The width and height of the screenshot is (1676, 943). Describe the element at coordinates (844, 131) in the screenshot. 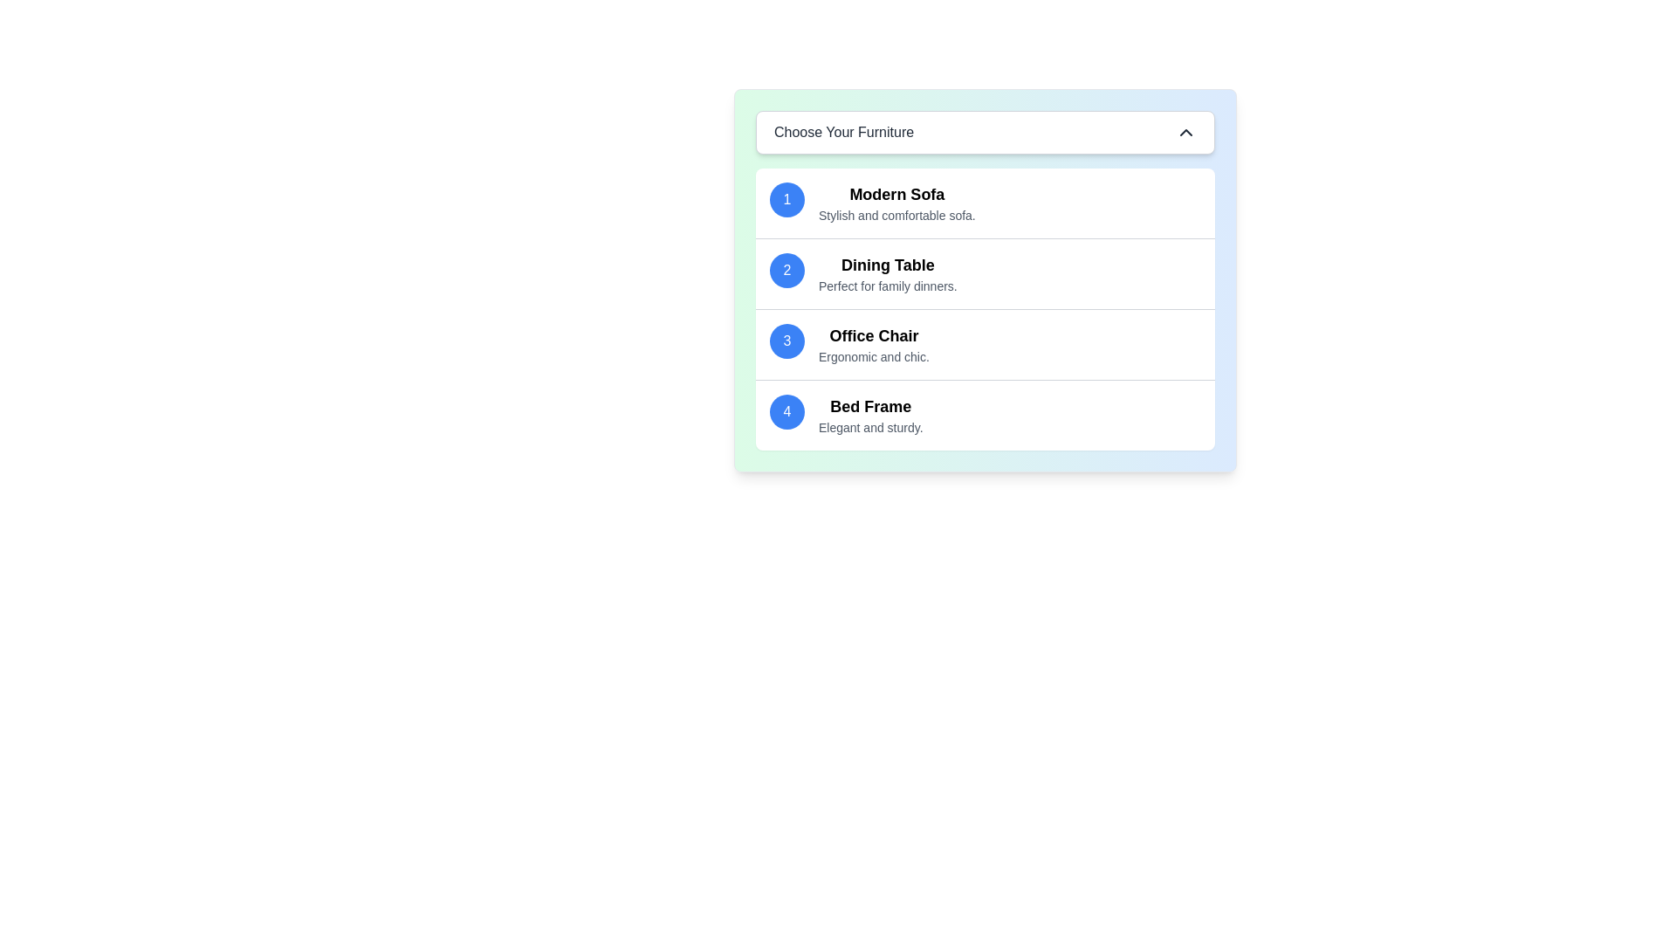

I see `the 'Choose Your Furniture' text label in the header of the dropdown menu, which is displayed in bold and slightly larger font` at that location.